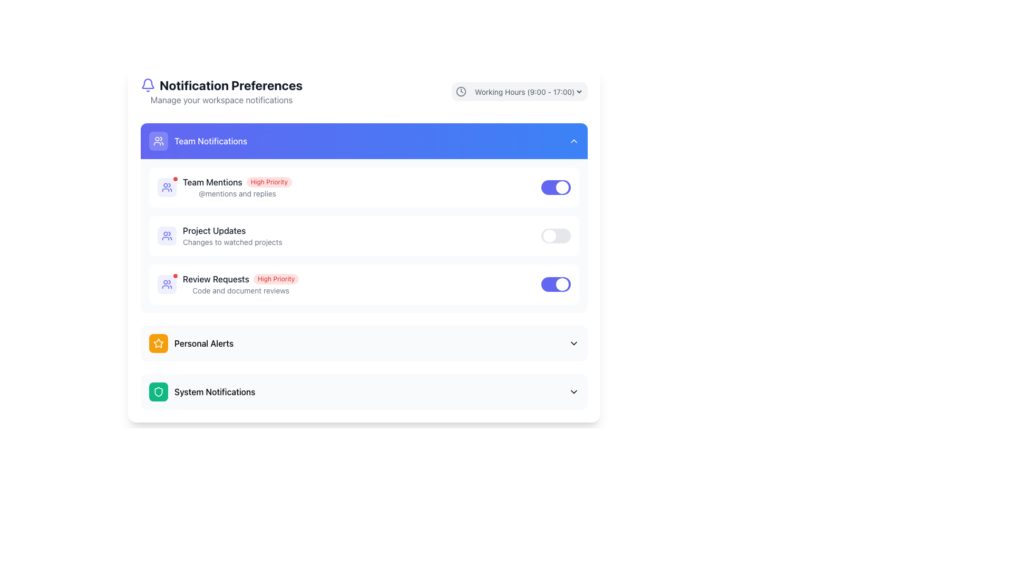 The image size is (1012, 569). I want to click on the shield icon representing the 'System Notifications' section, so click(158, 392).